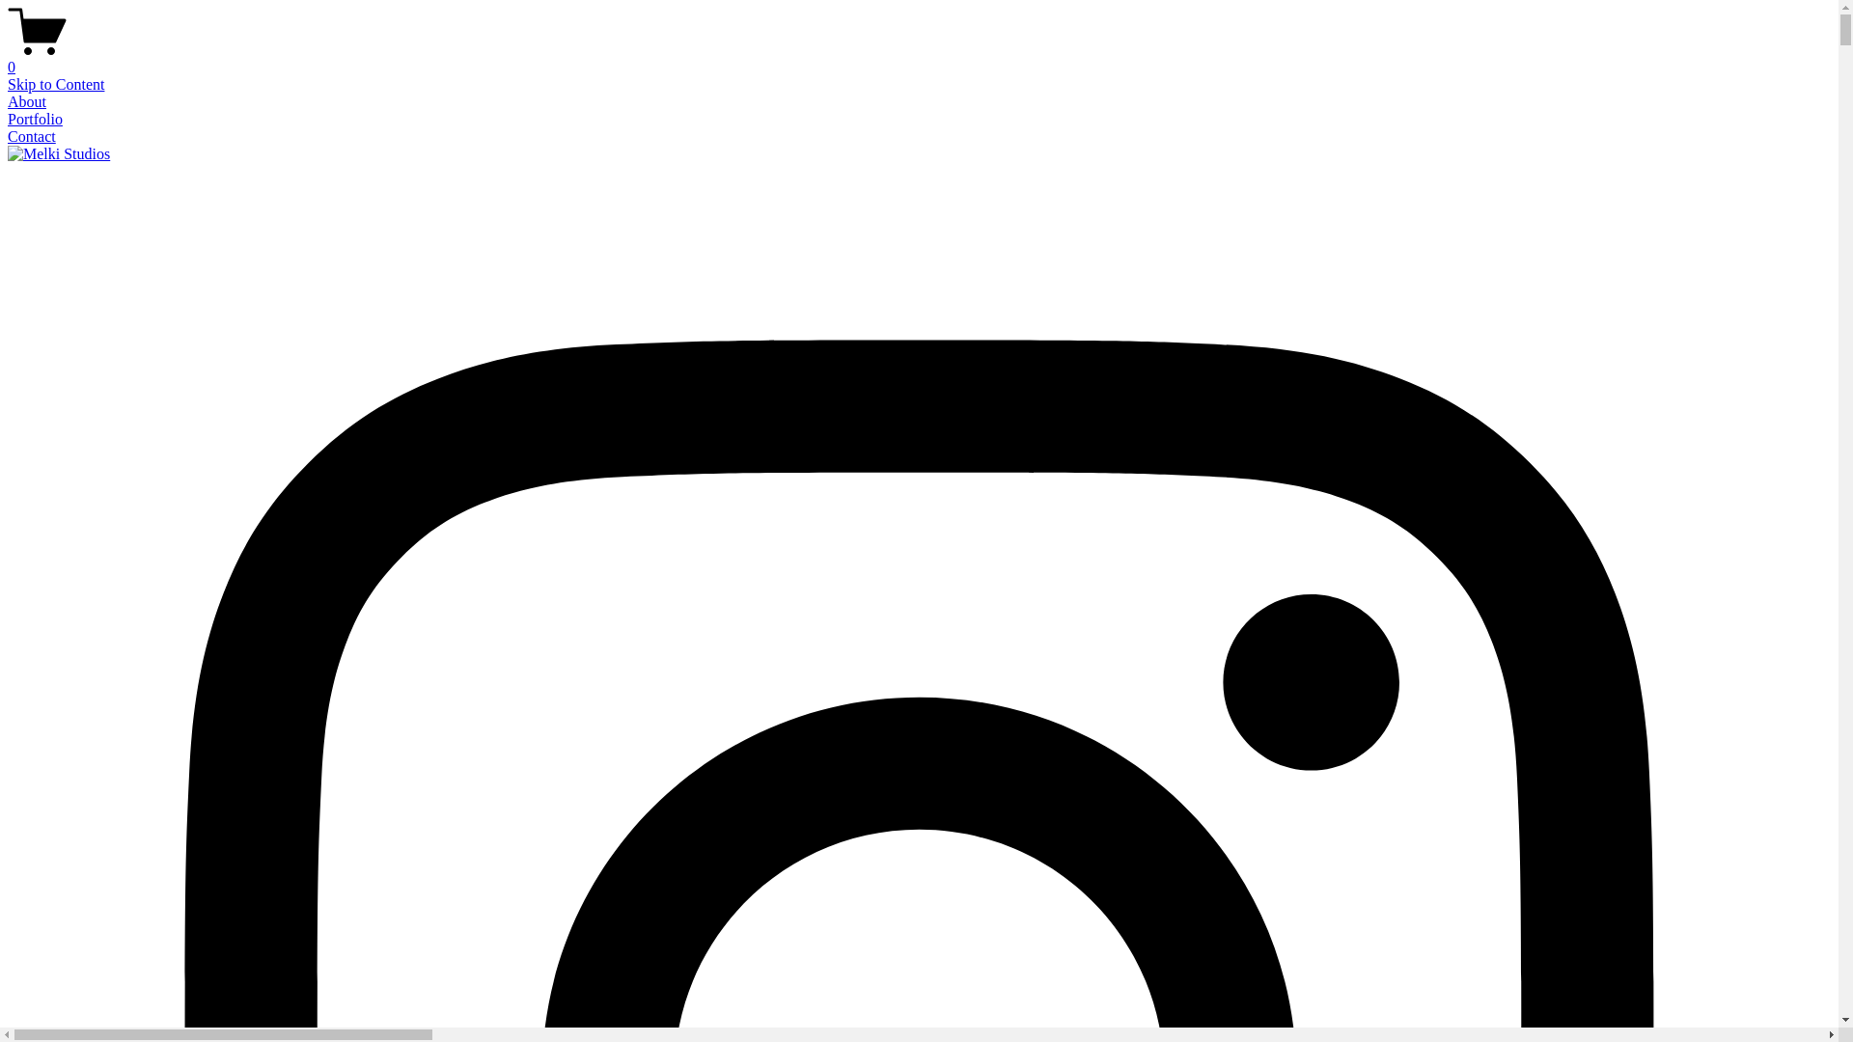  What do you see at coordinates (27, 101) in the screenshot?
I see `'About'` at bounding box center [27, 101].